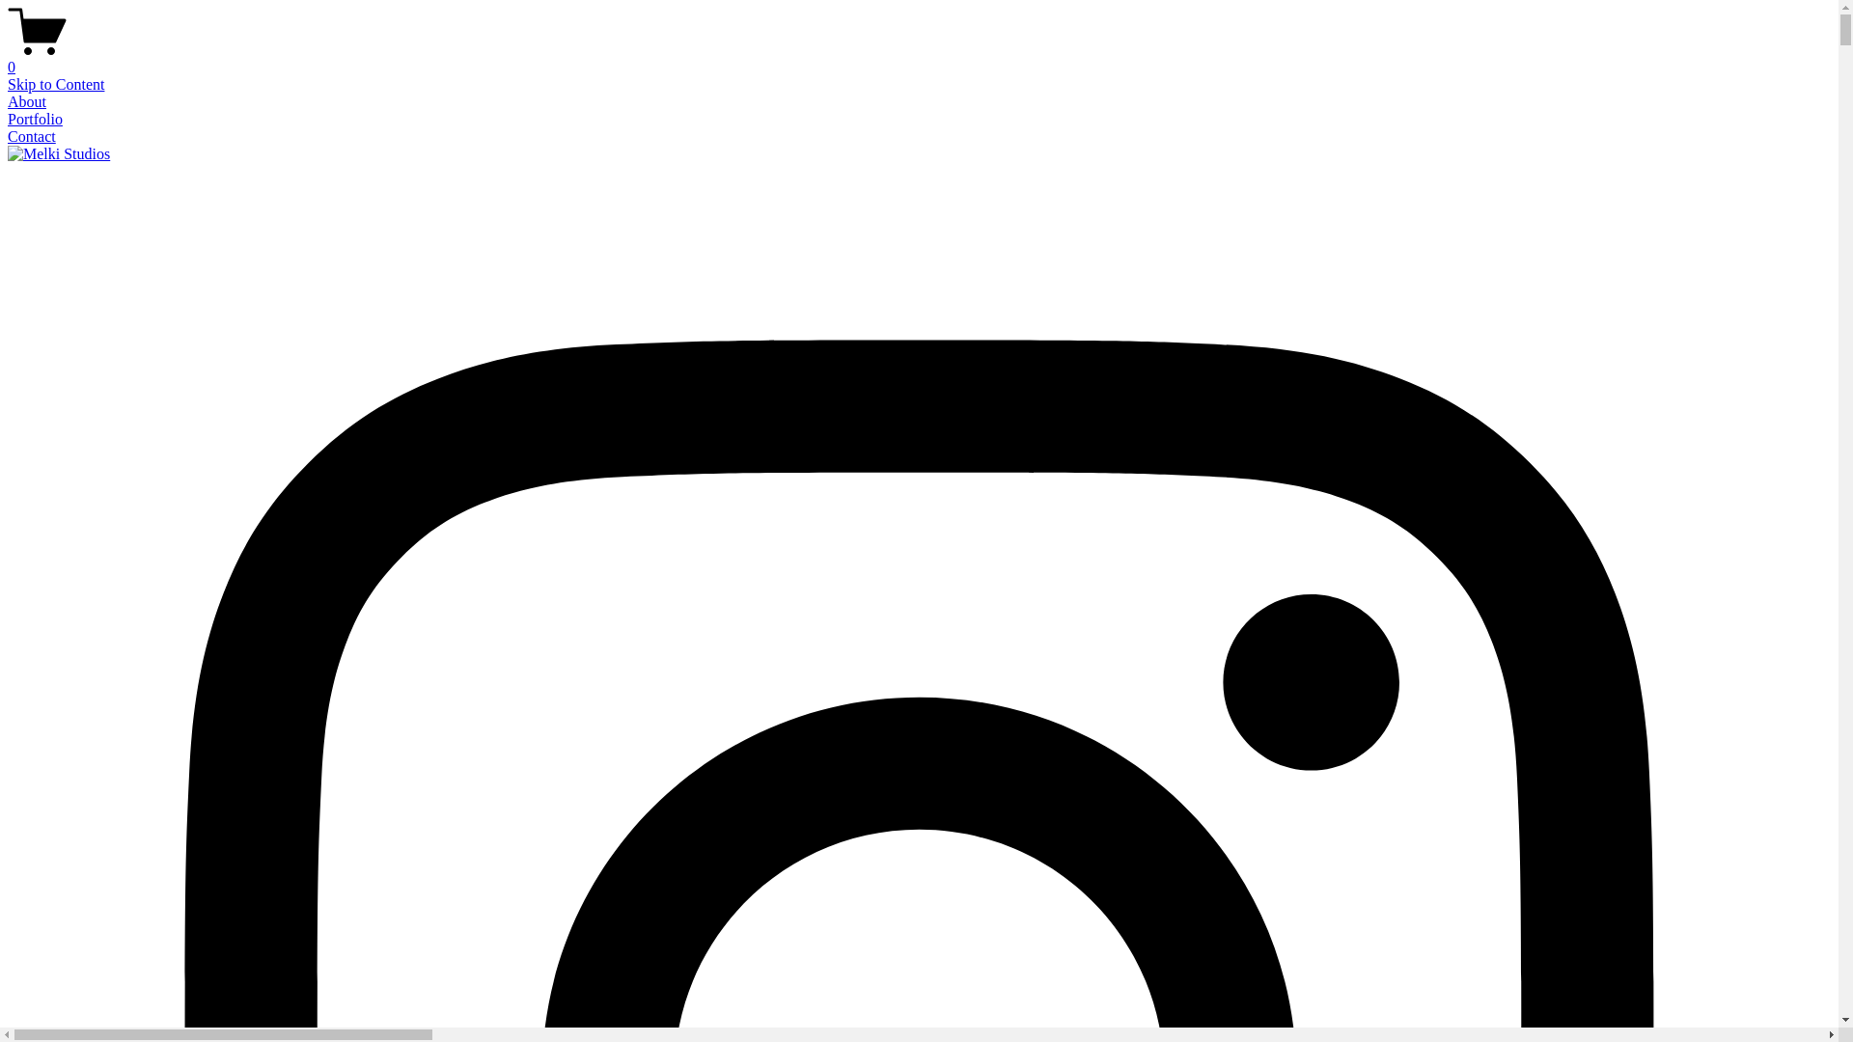  What do you see at coordinates (27, 101) in the screenshot?
I see `'About'` at bounding box center [27, 101].